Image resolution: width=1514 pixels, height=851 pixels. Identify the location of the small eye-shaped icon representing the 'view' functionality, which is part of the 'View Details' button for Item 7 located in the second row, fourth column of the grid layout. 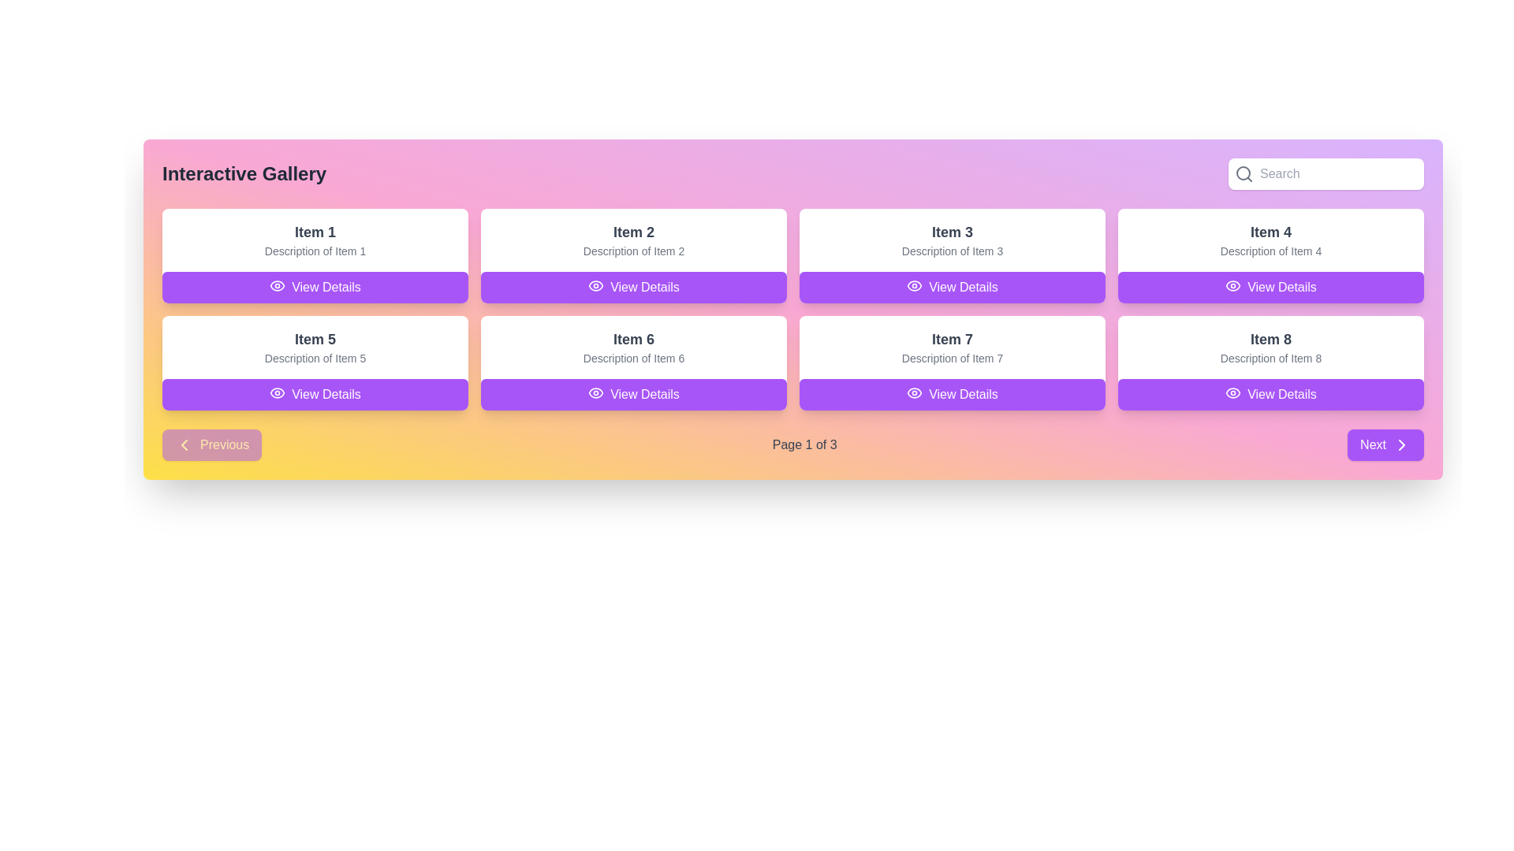
(915, 392).